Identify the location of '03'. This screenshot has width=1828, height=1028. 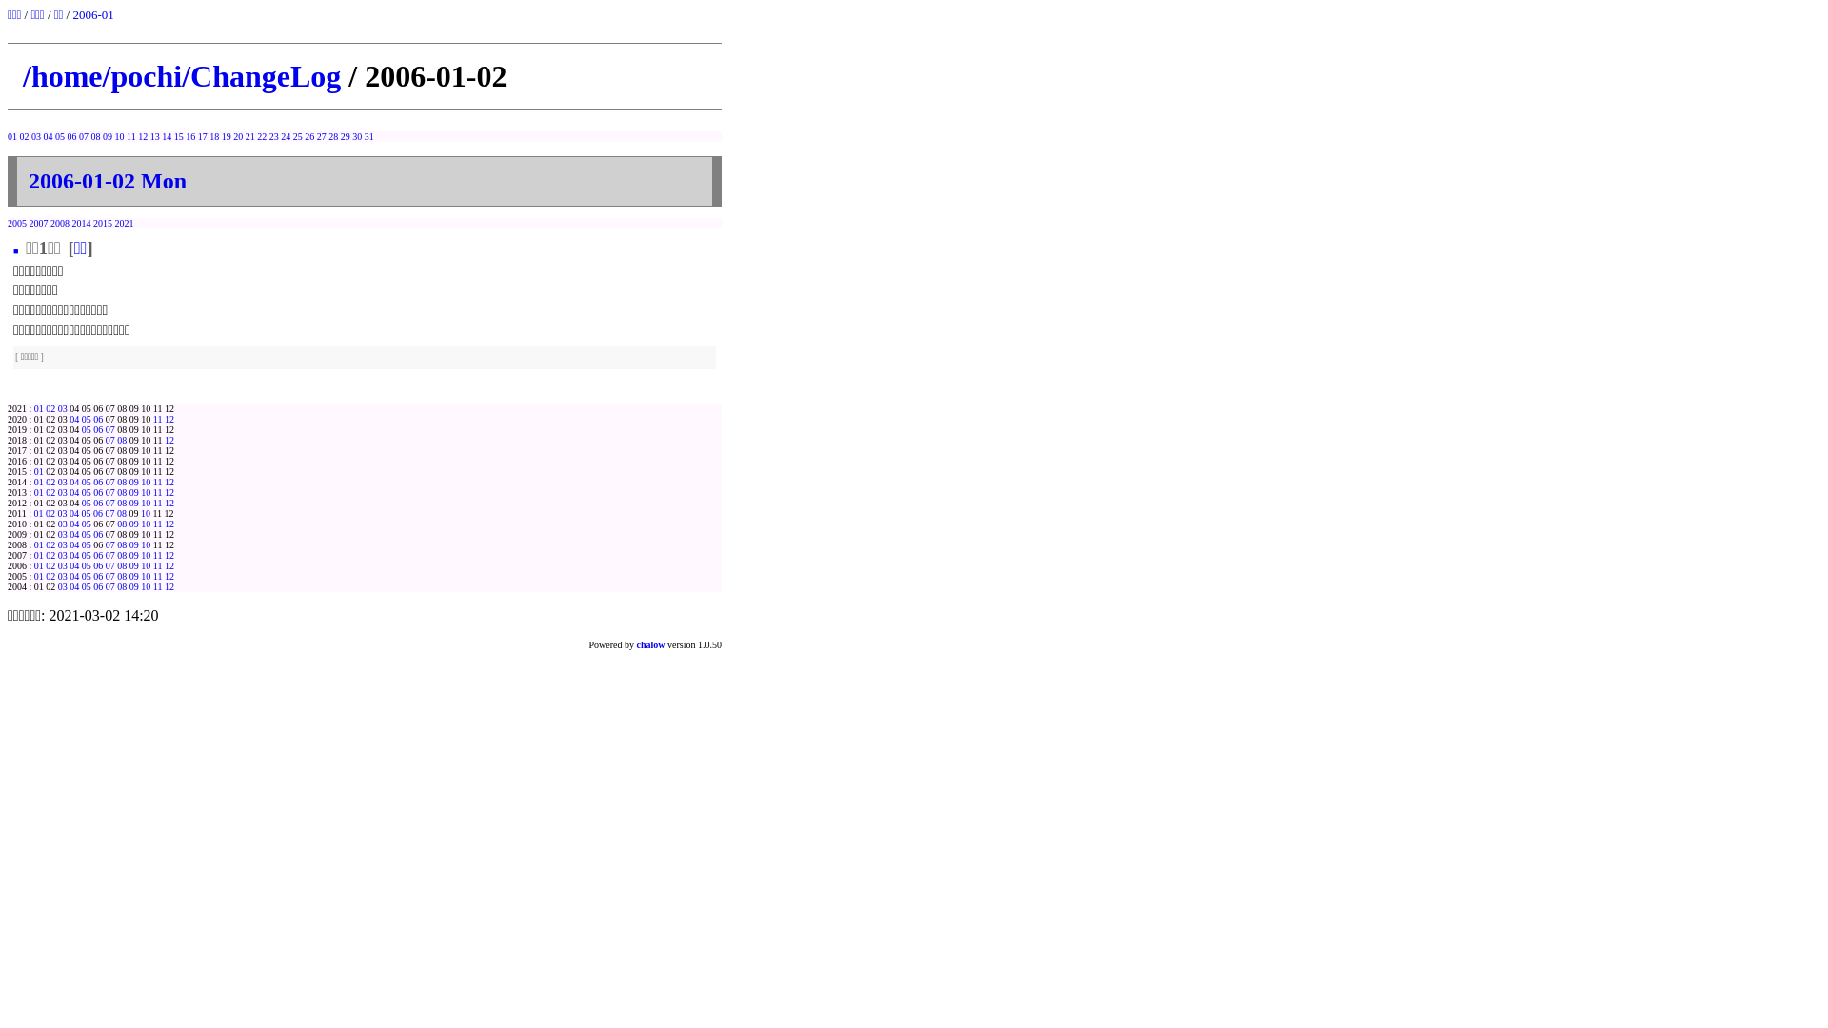
(36, 135).